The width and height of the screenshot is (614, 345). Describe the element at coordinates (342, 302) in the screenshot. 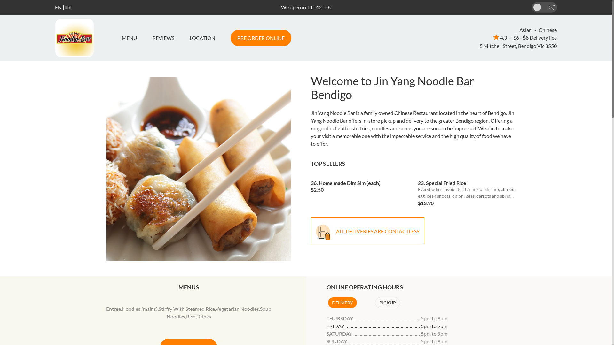

I see `'DELIVERY'` at that location.